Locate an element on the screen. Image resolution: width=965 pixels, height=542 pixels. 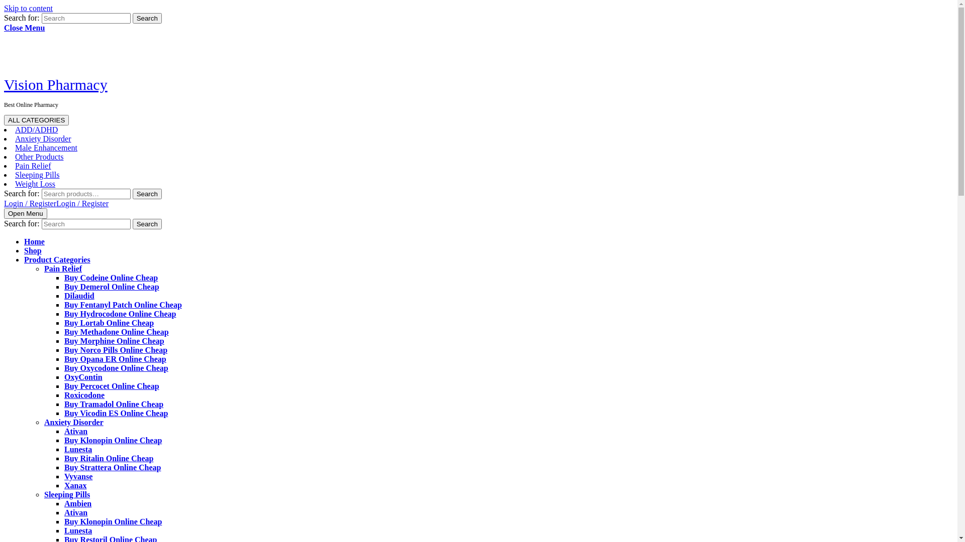
'Vyvanse' is located at coordinates (78, 476).